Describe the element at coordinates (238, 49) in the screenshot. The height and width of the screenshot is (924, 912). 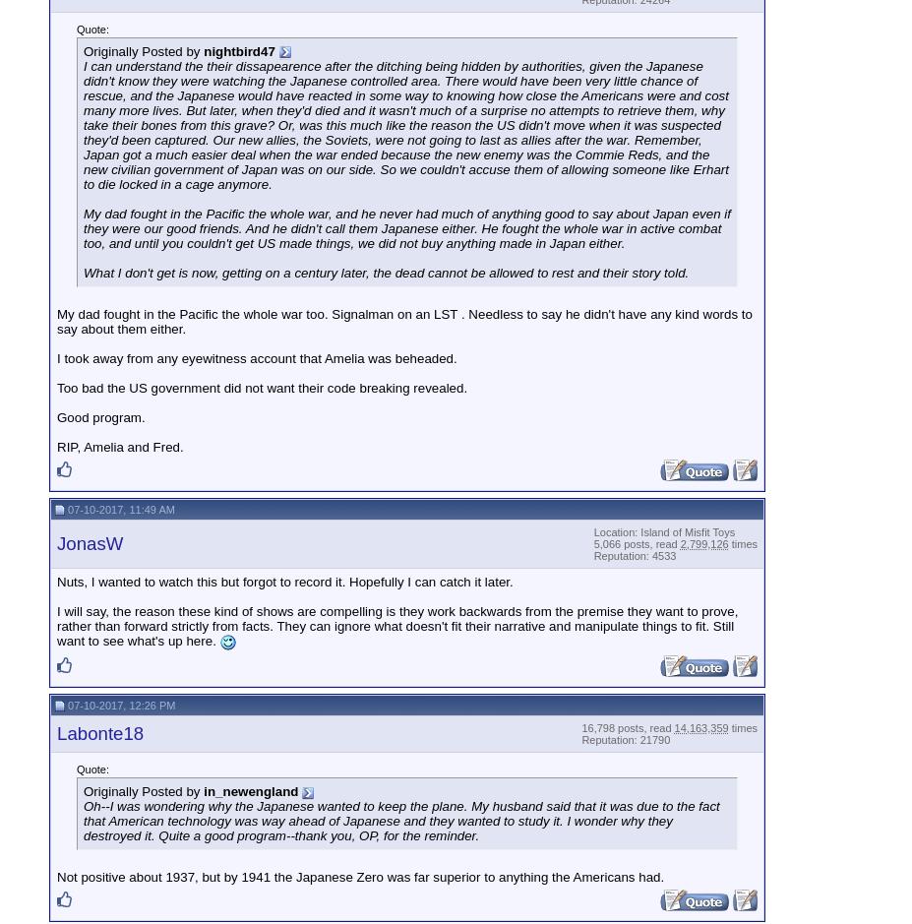
I see `'nightbird47'` at that location.